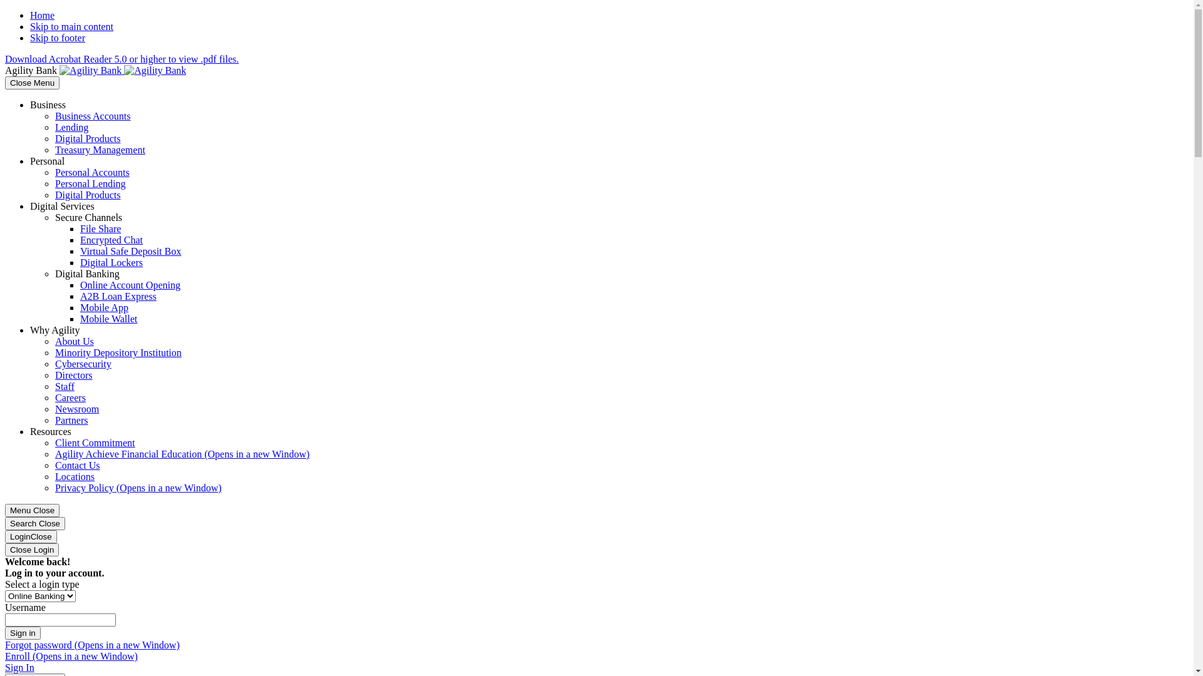 The width and height of the screenshot is (1203, 676). What do you see at coordinates (95, 442) in the screenshot?
I see `'Client Commitment'` at bounding box center [95, 442].